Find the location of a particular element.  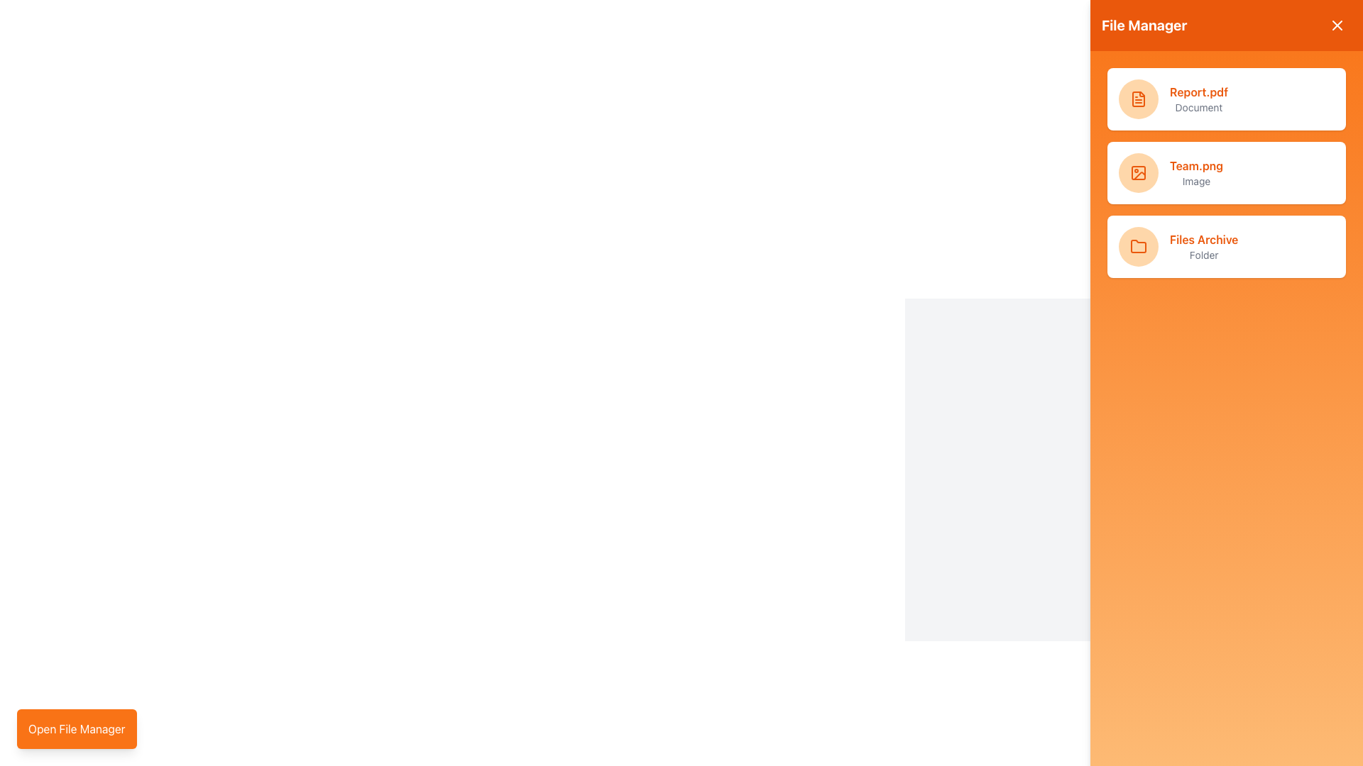

the close button located in the top-right corner of the File Manager panel is located at coordinates (1336, 25).